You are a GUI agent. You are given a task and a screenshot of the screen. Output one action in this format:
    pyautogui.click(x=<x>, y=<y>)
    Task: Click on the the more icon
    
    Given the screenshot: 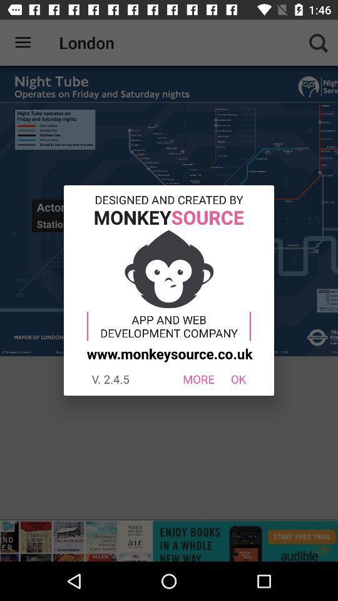 What is the action you would take?
    pyautogui.click(x=198, y=378)
    